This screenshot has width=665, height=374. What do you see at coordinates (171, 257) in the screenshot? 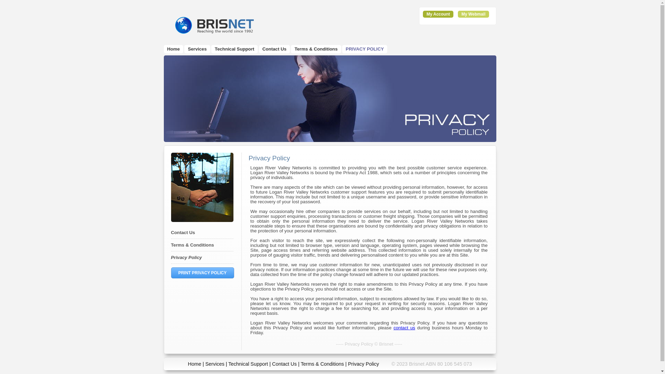
I see `'Privacy Policy'` at bounding box center [171, 257].